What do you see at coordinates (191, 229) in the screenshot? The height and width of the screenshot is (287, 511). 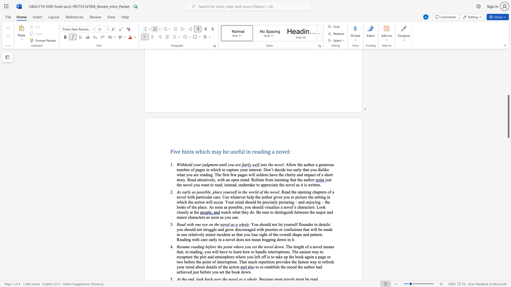 I see `the 6th character "u" in the text` at bounding box center [191, 229].